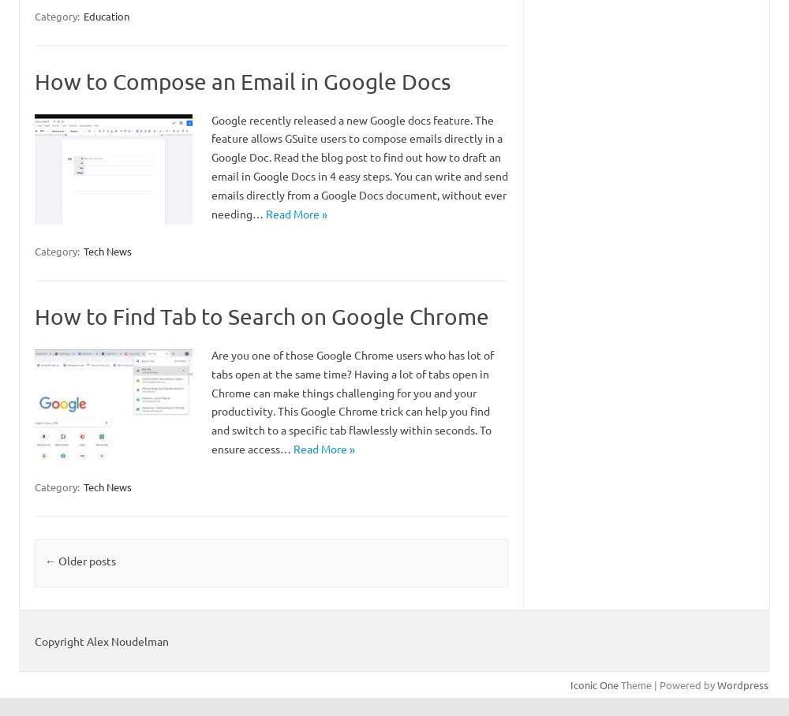 The width and height of the screenshot is (789, 716). What do you see at coordinates (261, 315) in the screenshot?
I see `'How to Find Tab to Search on Google Chrome'` at bounding box center [261, 315].